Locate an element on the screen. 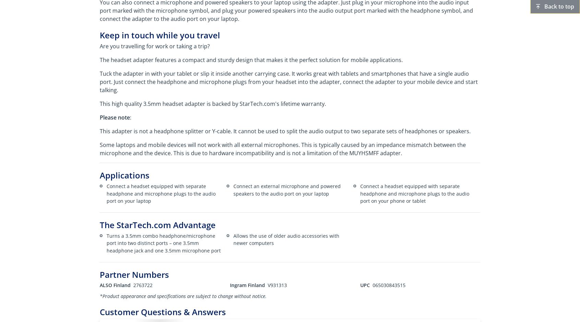 Image resolution: width=580 pixels, height=322 pixels. 'ALSO Finland' is located at coordinates (115, 285).